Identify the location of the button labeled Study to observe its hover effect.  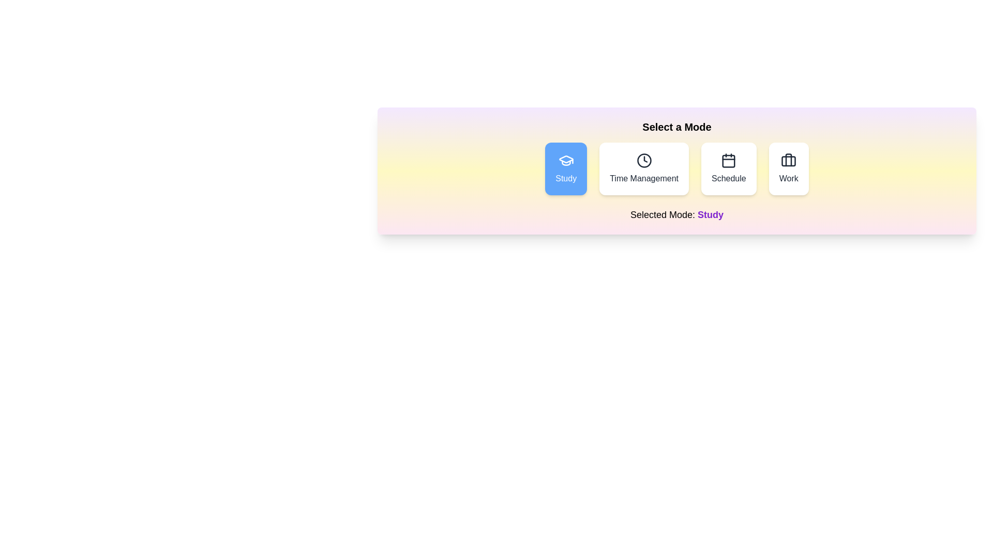
(565, 168).